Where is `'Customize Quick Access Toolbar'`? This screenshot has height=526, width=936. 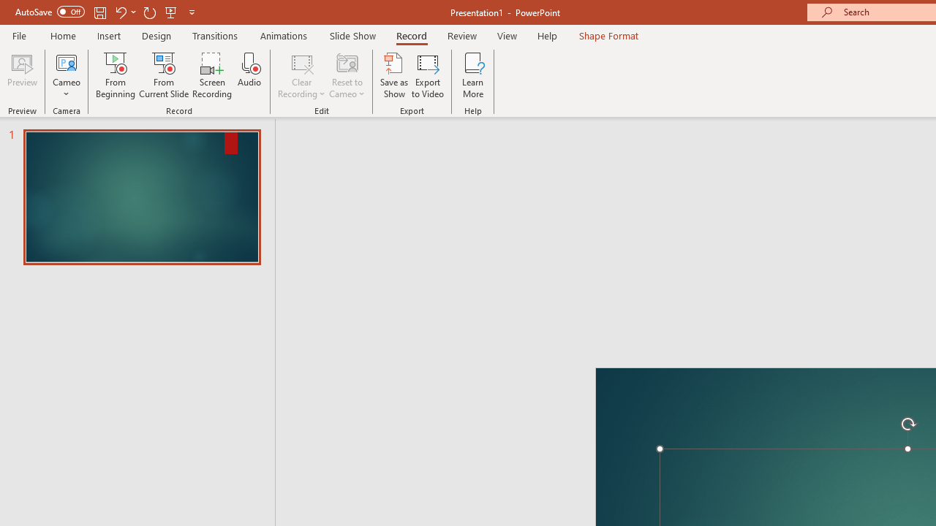 'Customize Quick Access Toolbar' is located at coordinates (192, 12).